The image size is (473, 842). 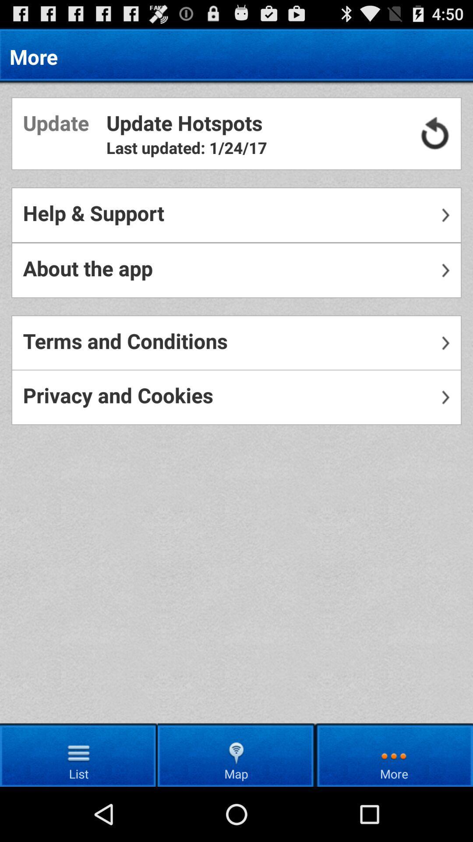 I want to click on privacy and cookies icon, so click(x=236, y=397).